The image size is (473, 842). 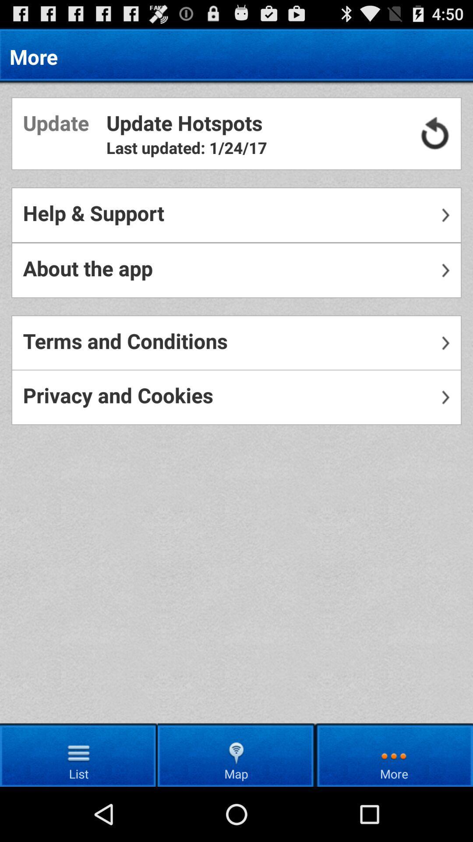 I want to click on privacy and cookies icon, so click(x=236, y=397).